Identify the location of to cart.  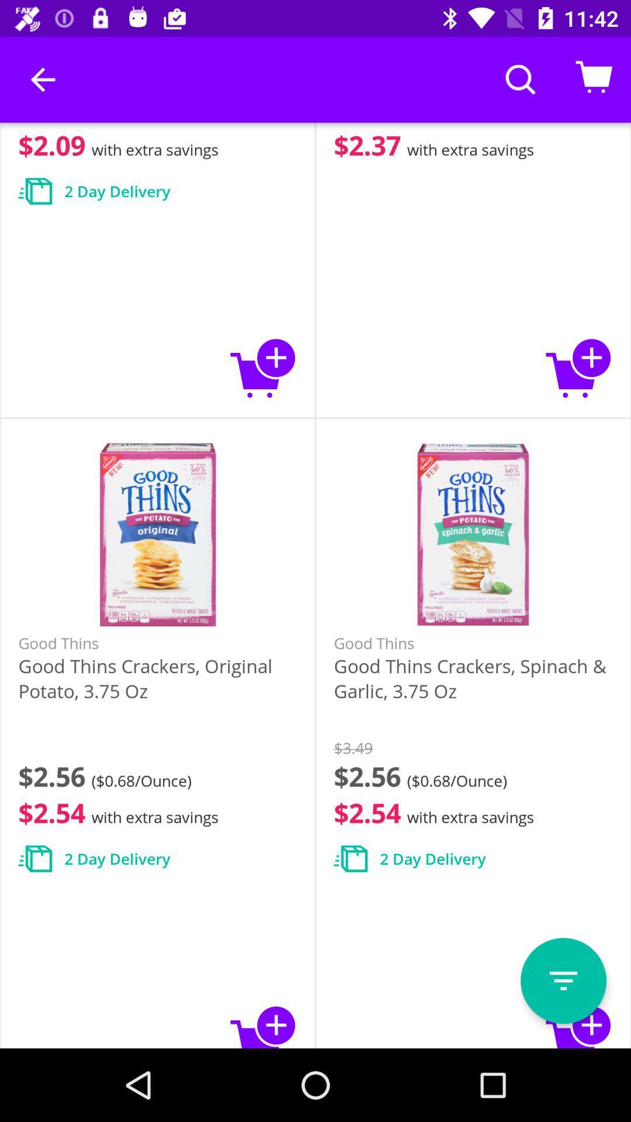
(579, 1024).